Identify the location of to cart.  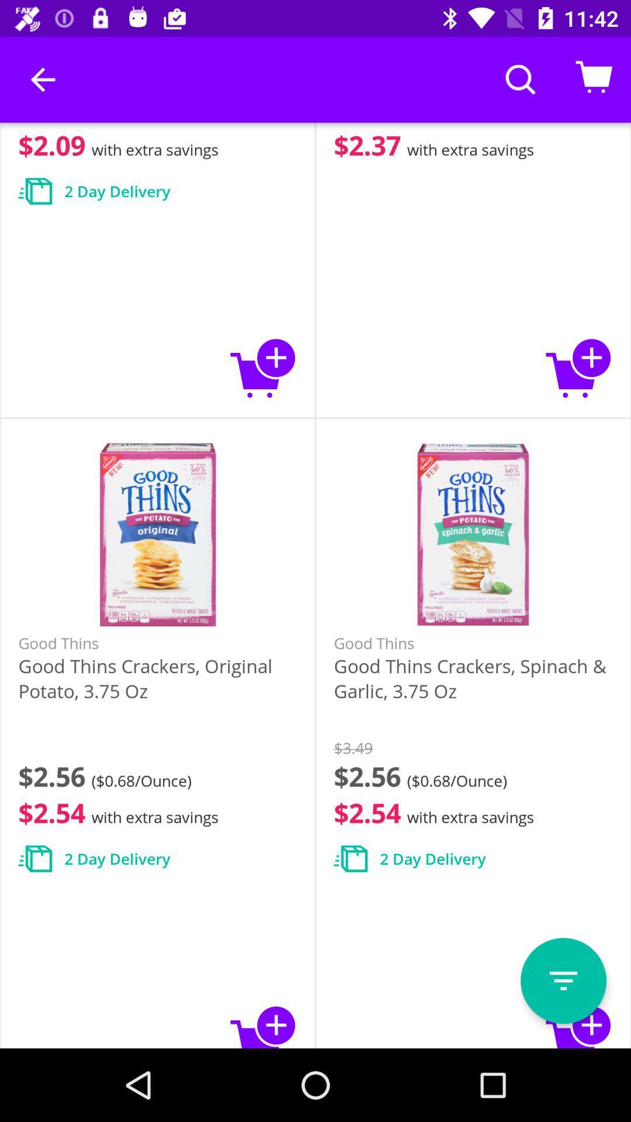
(579, 1024).